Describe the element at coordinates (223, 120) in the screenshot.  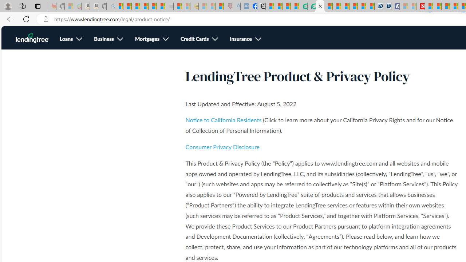
I see `'Notice to California Residents'` at that location.